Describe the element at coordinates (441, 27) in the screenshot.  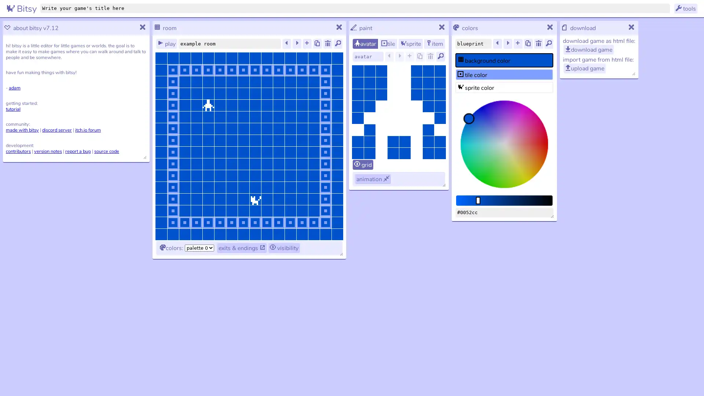
I see `minimize paint window` at that location.